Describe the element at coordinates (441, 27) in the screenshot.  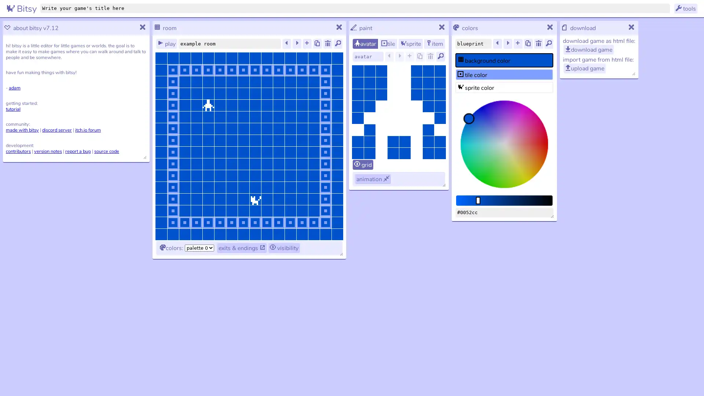
I see `minimize paint window` at that location.